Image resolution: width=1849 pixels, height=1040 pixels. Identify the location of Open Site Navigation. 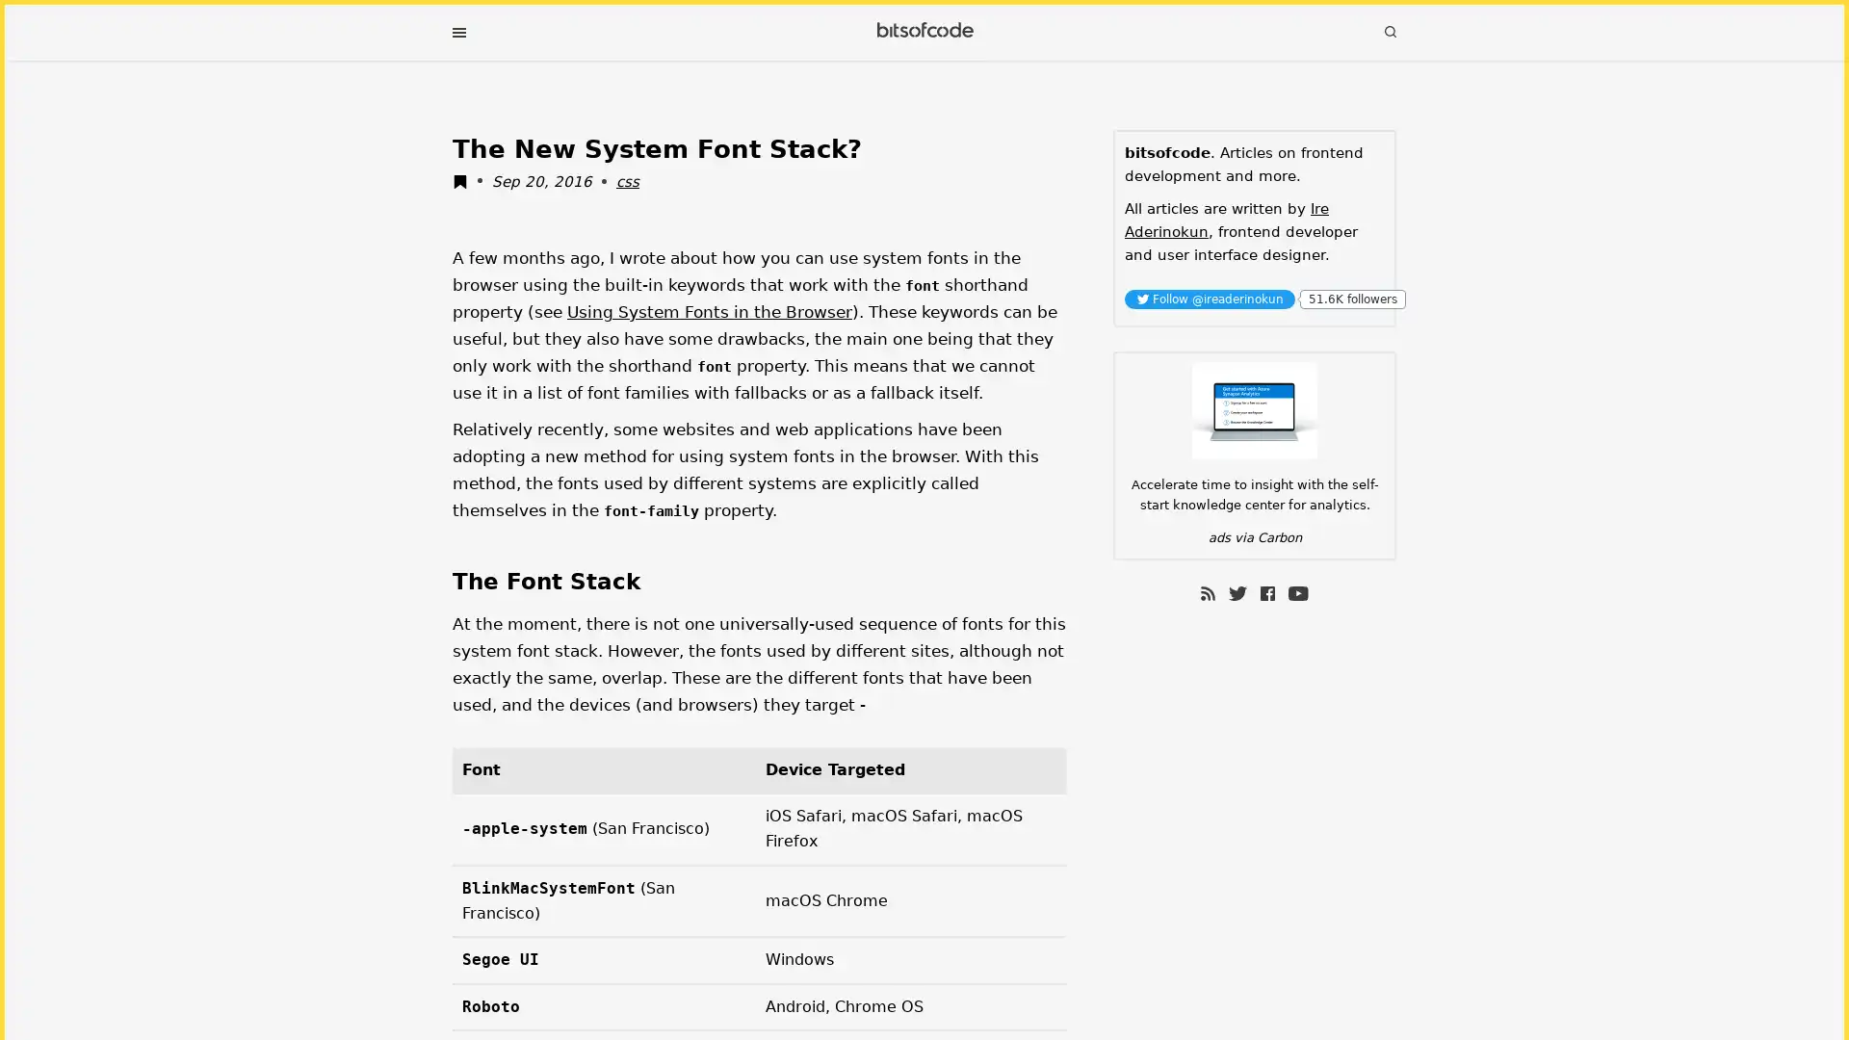
(457, 33).